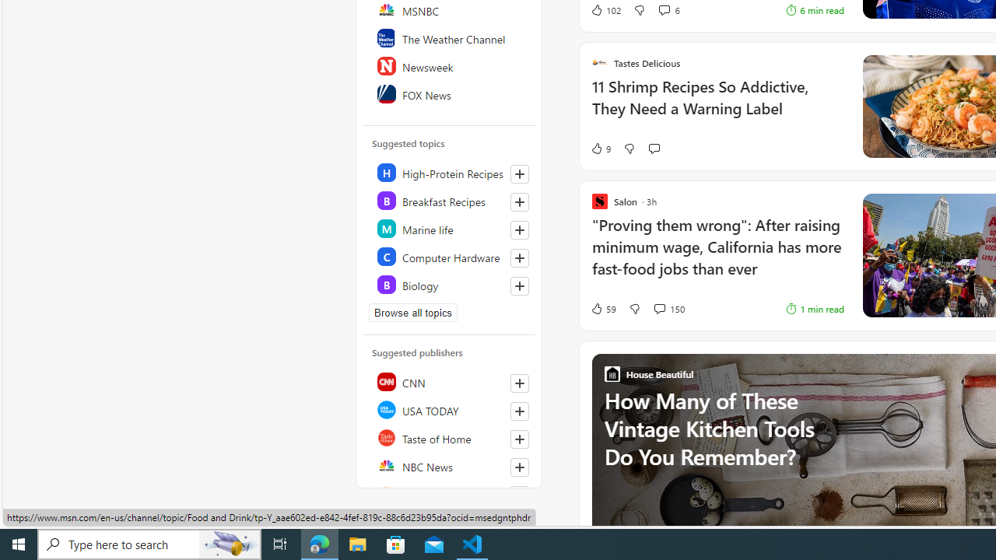  What do you see at coordinates (717, 105) in the screenshot?
I see `'11 Shrimp Recipes So Addictive, They Need a Warning Label'` at bounding box center [717, 105].